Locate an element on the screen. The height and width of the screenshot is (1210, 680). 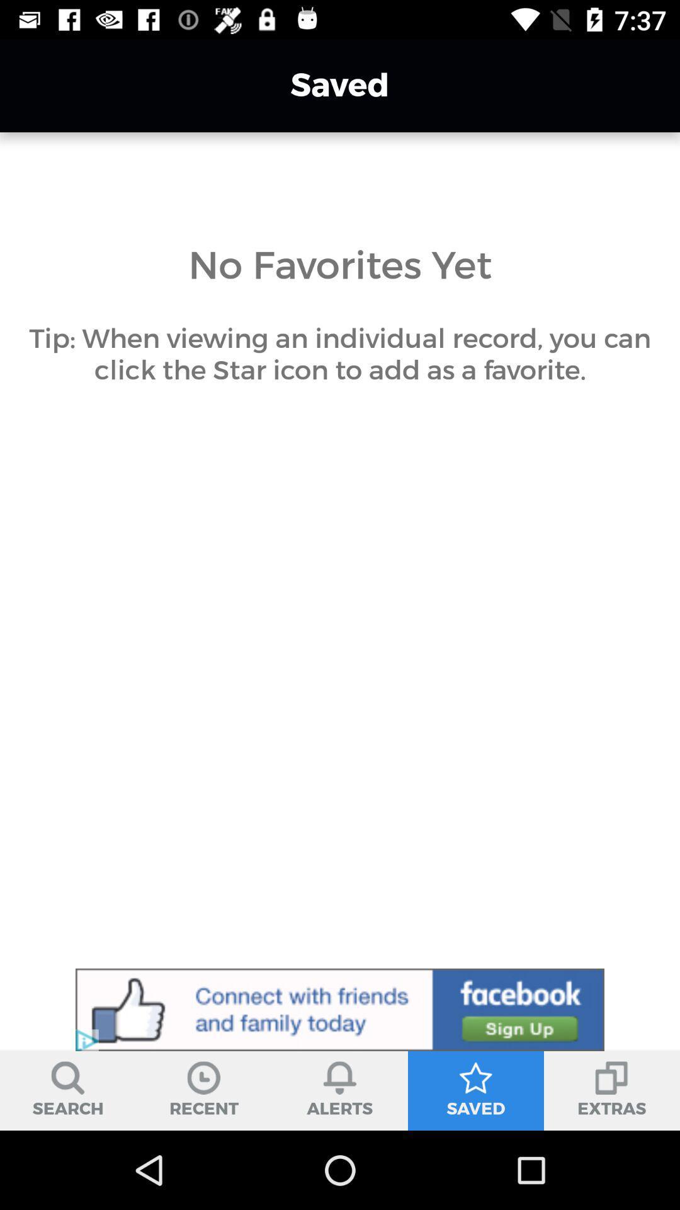
the icon above alerts is located at coordinates (340, 1077).